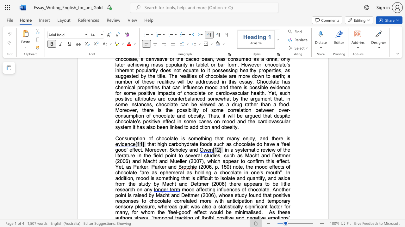 The width and height of the screenshot is (405, 227). Describe the element at coordinates (165, 166) in the screenshot. I see `the subset text "r a" within the text "this effect. Yet, as Parker, Parker and"` at that location.